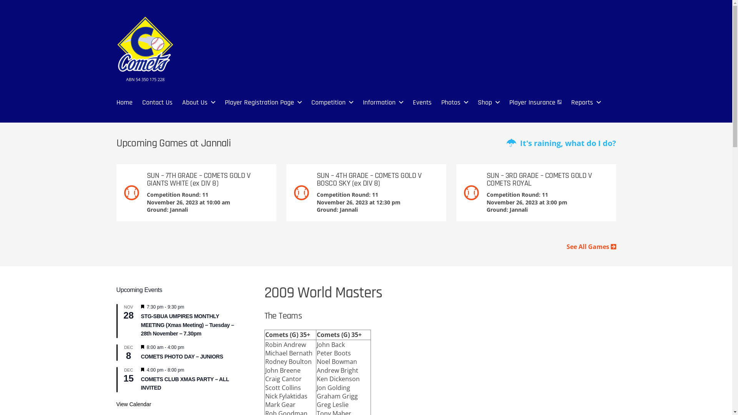 The height and width of the screenshot is (415, 738). What do you see at coordinates (450, 102) in the screenshot?
I see `'Photos'` at bounding box center [450, 102].